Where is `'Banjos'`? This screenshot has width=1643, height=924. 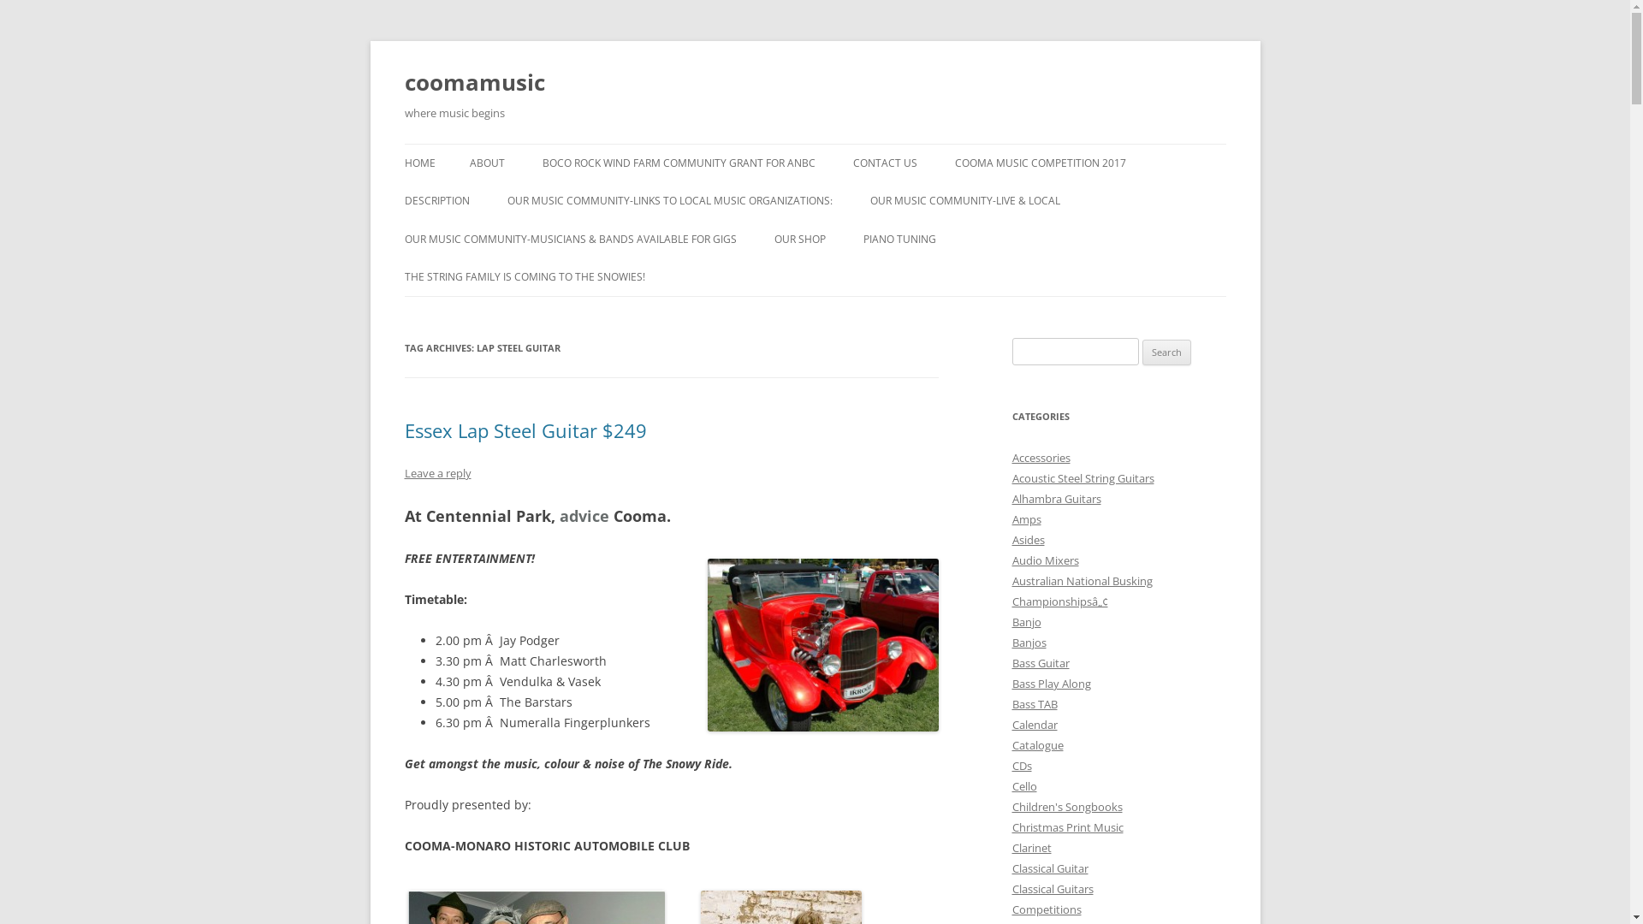 'Banjos' is located at coordinates (1027, 643).